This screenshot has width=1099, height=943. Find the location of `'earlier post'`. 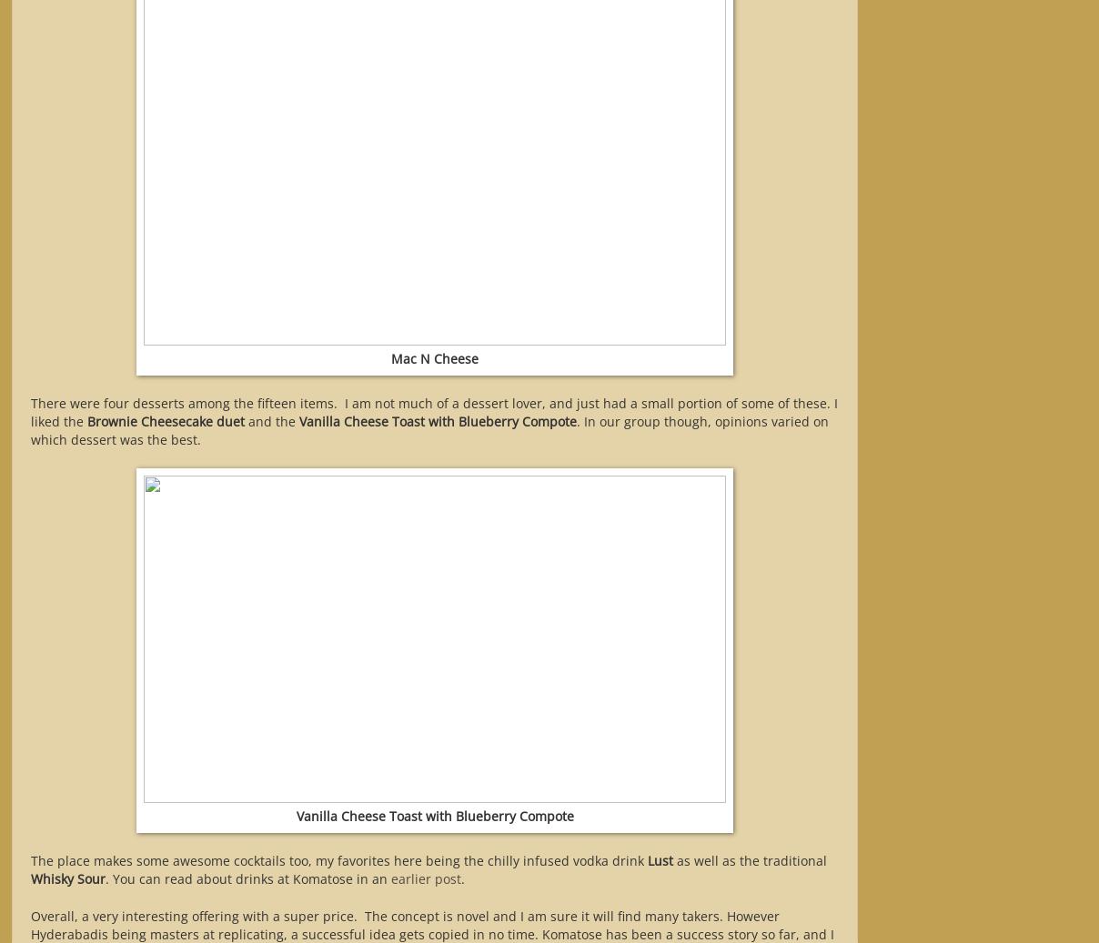

'earlier post' is located at coordinates (426, 878).